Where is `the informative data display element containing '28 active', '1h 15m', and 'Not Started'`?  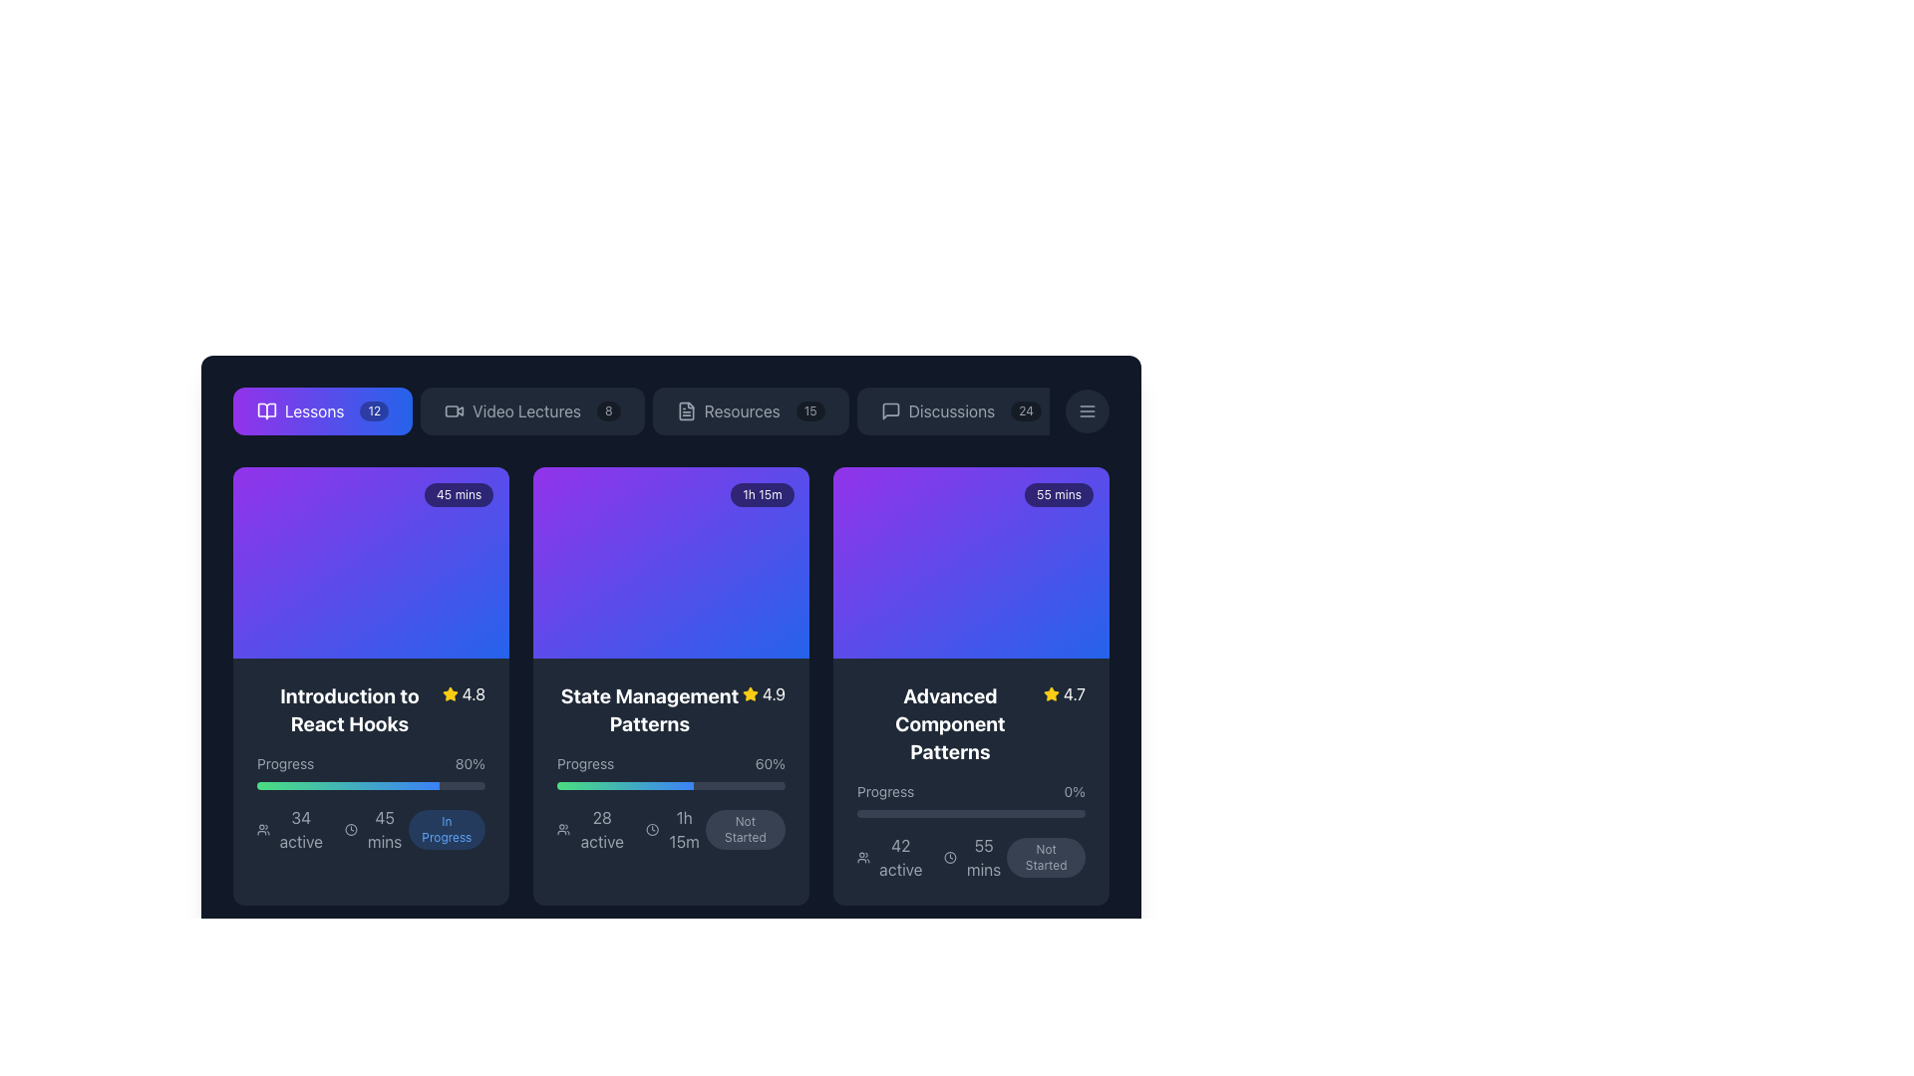 the informative data display element containing '28 active', '1h 15m', and 'Not Started' is located at coordinates (671, 830).